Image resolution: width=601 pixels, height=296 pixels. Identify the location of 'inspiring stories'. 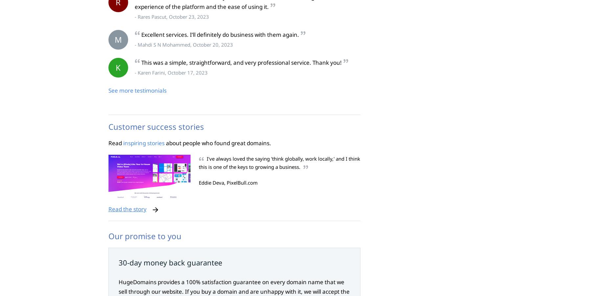
(143, 143).